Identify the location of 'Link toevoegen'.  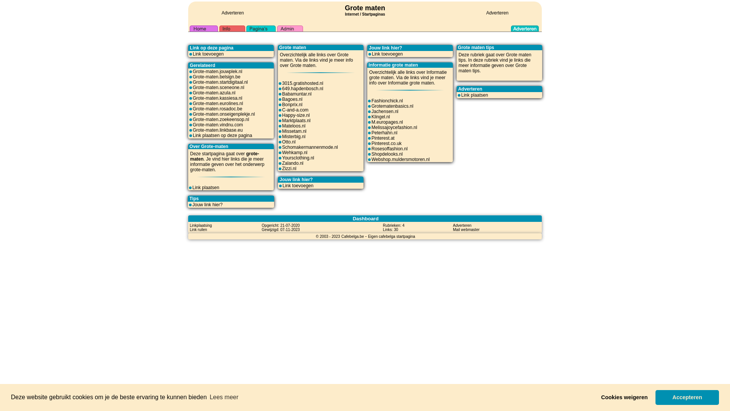
(387, 54).